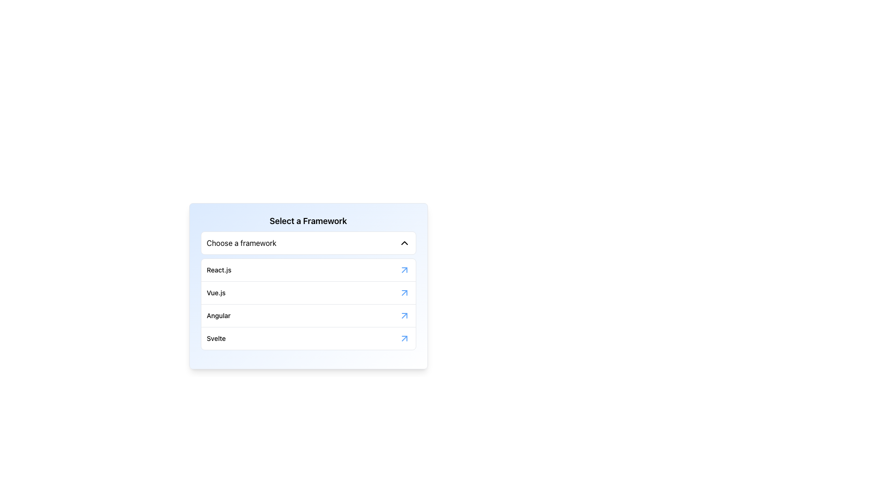 The height and width of the screenshot is (503, 895). What do you see at coordinates (404, 315) in the screenshot?
I see `the small blue arrow icon located to the far right of the 'Angular' entry in the 'Choose a framework' section` at bounding box center [404, 315].